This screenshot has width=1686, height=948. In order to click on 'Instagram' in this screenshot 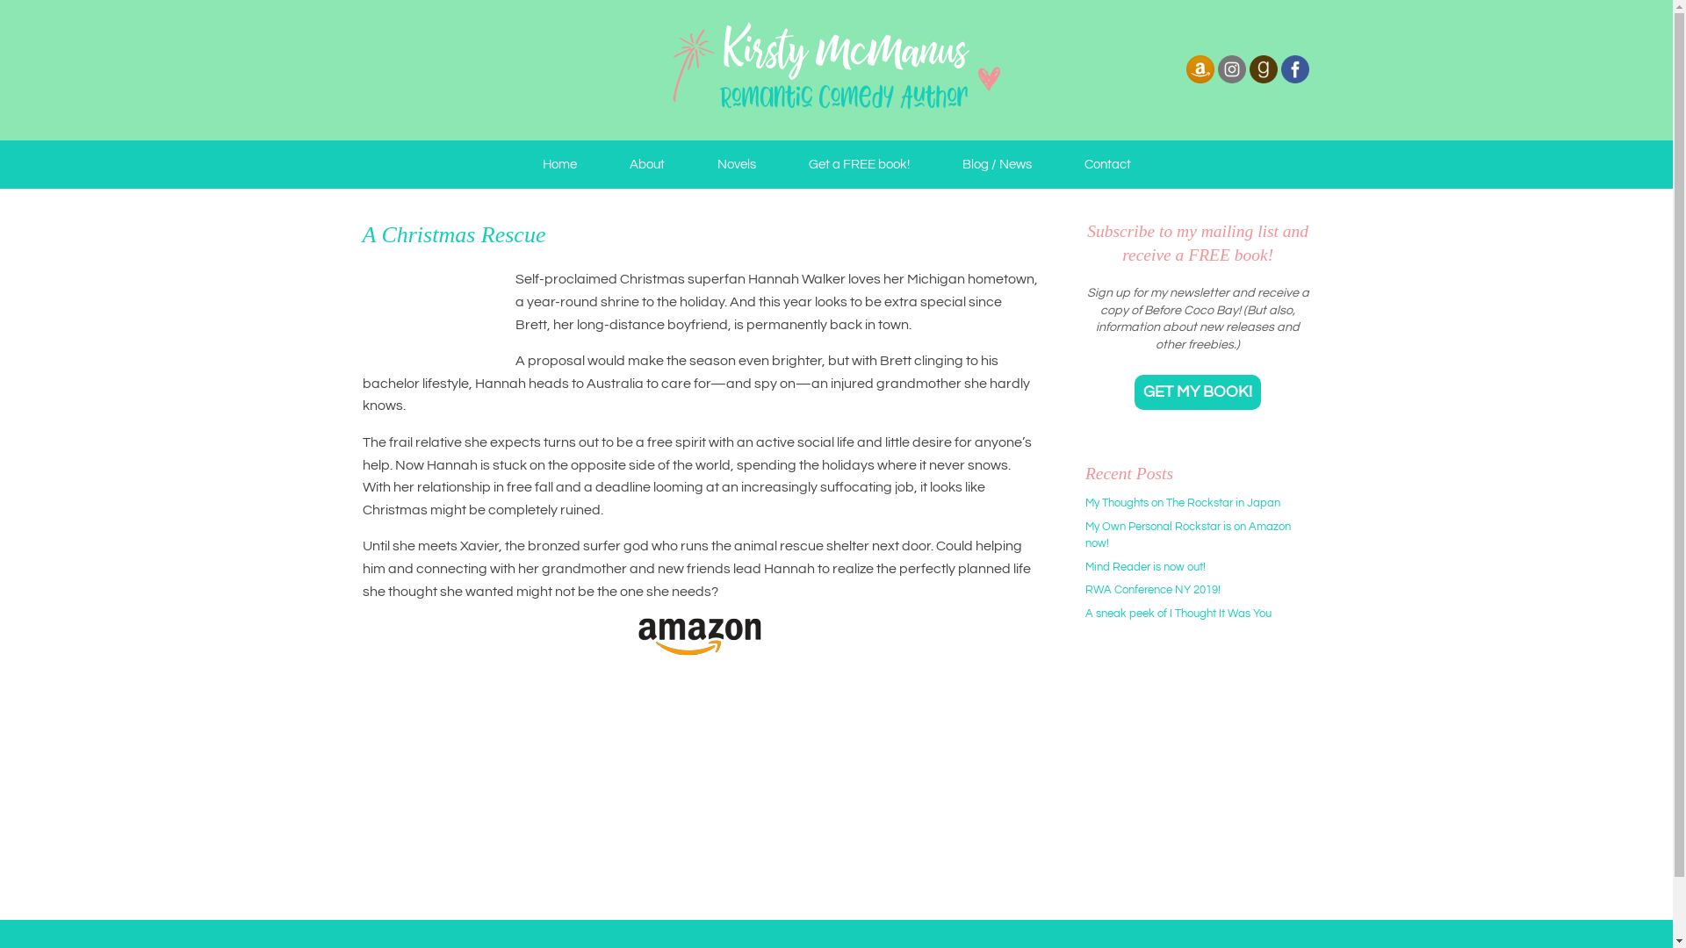, I will do `click(1229, 67)`.